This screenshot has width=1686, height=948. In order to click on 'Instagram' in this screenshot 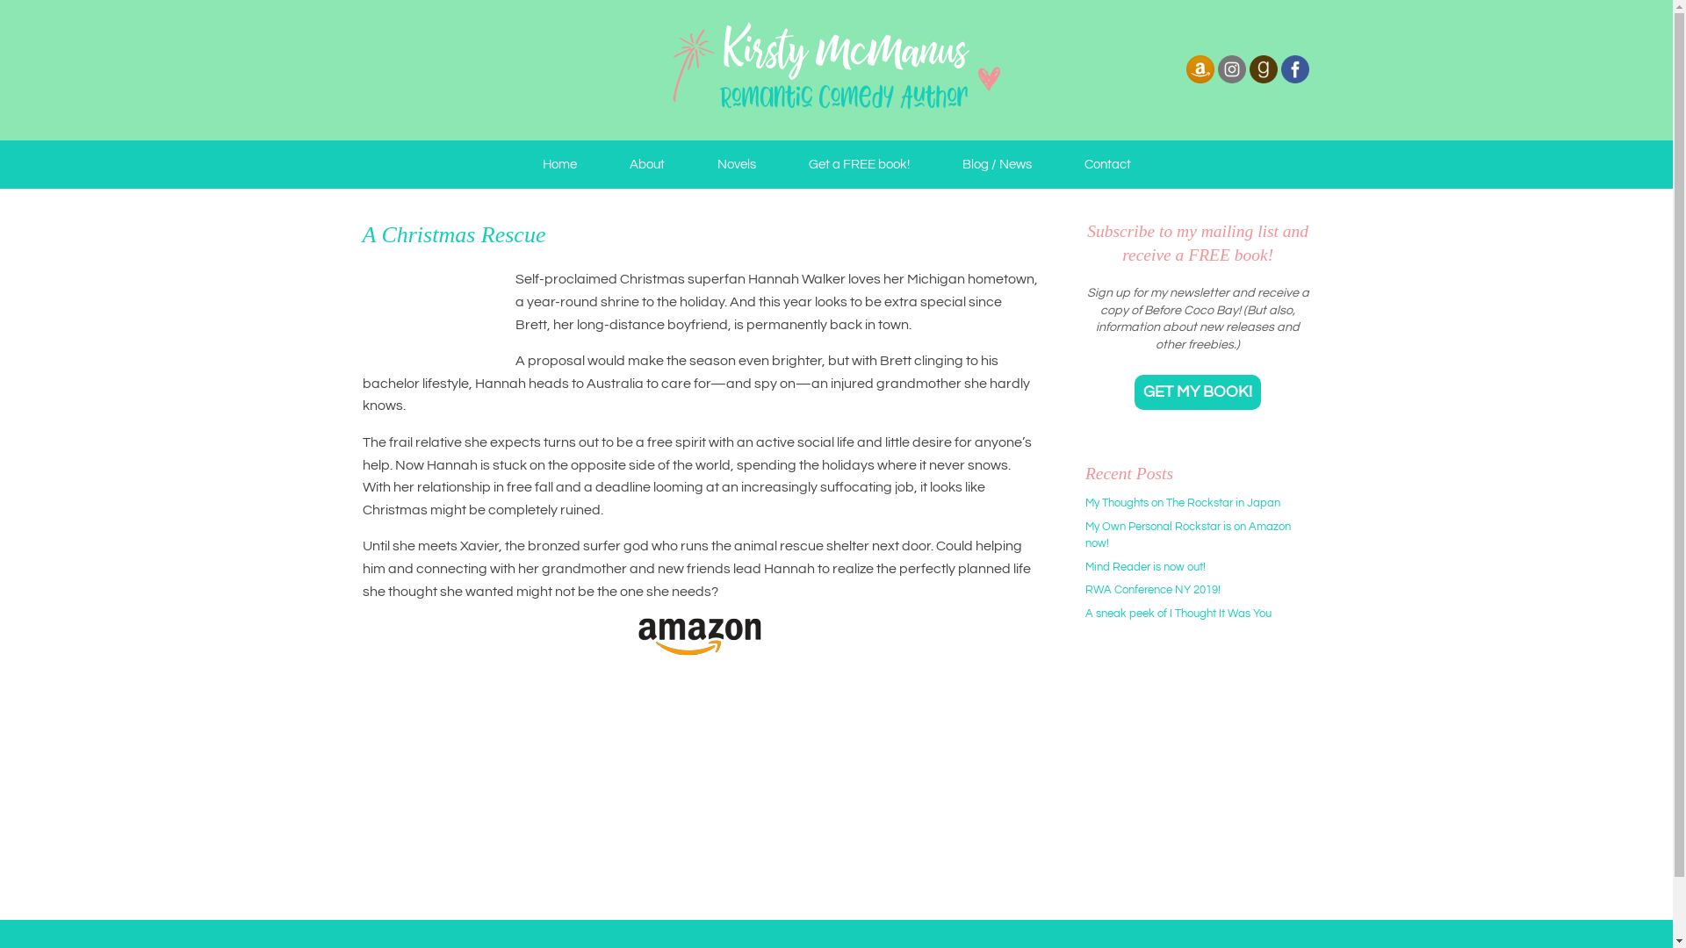, I will do `click(1229, 67)`.